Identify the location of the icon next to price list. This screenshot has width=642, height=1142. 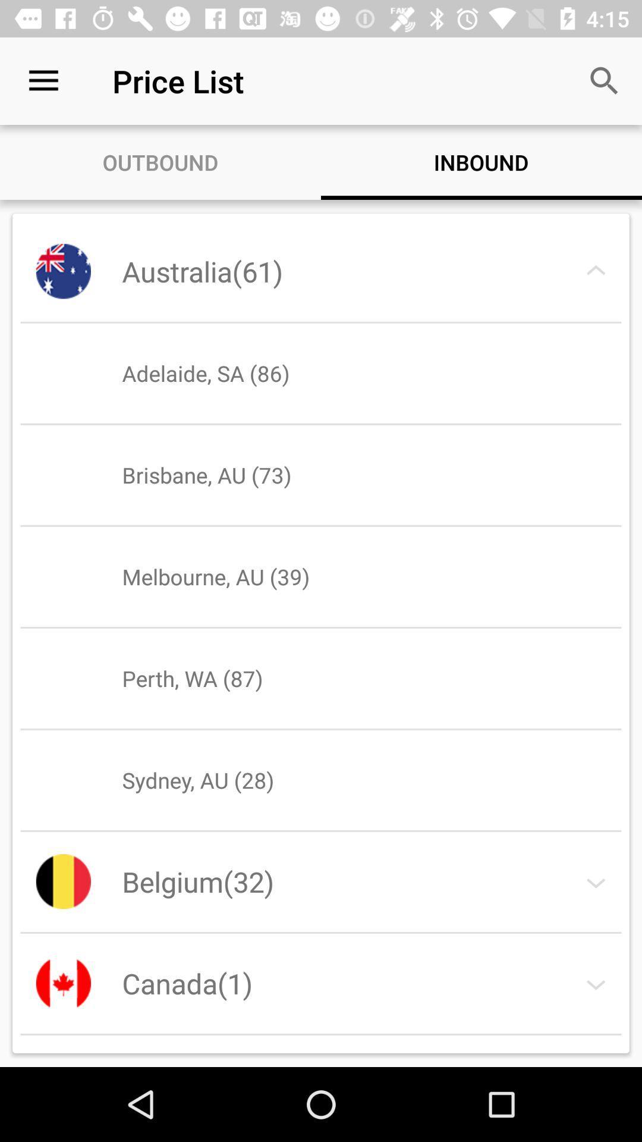
(605, 80).